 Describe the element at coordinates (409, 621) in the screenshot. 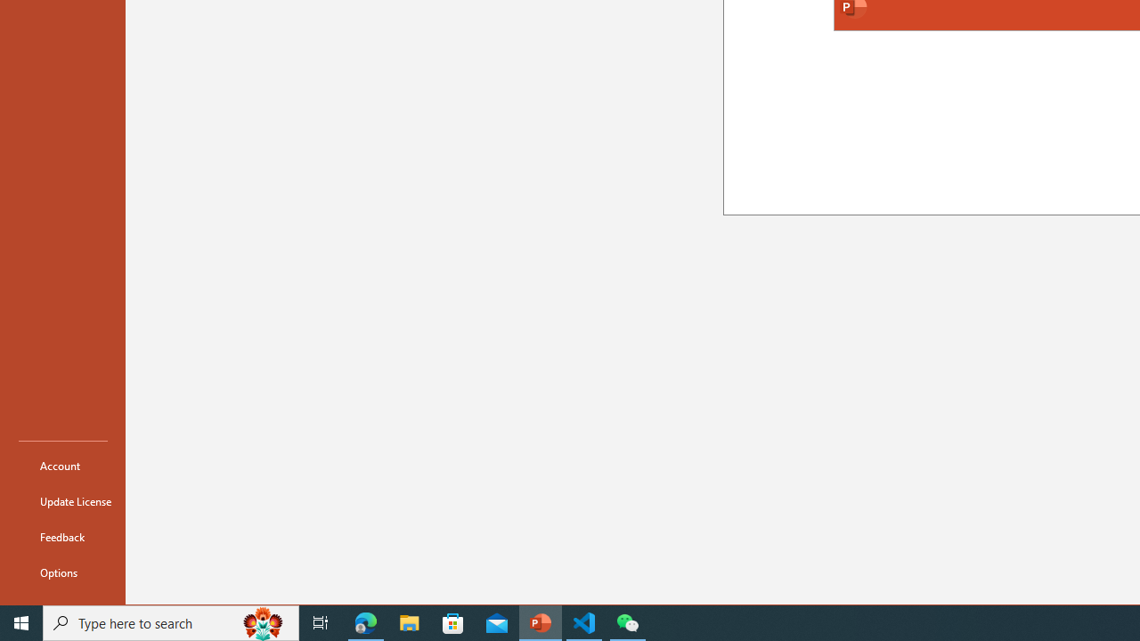

I see `'File Explorer'` at that location.